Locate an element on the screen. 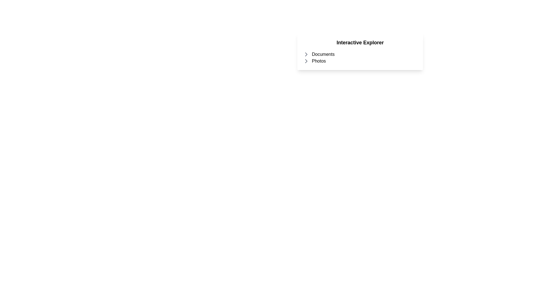 The width and height of the screenshot is (539, 303). the icon located immediately to the left of the text 'Documents', which serves as a navigational or expansion cue is located at coordinates (306, 54).